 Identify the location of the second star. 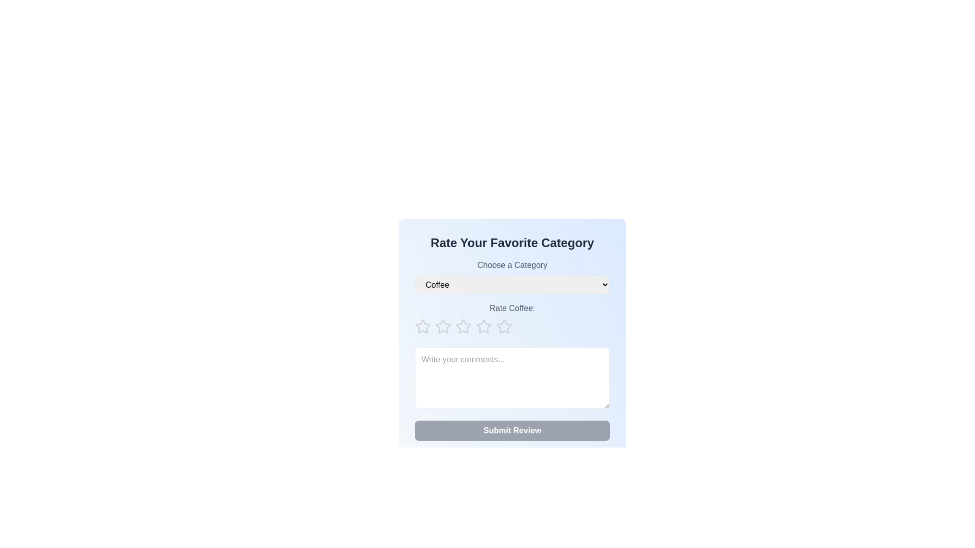
(463, 326).